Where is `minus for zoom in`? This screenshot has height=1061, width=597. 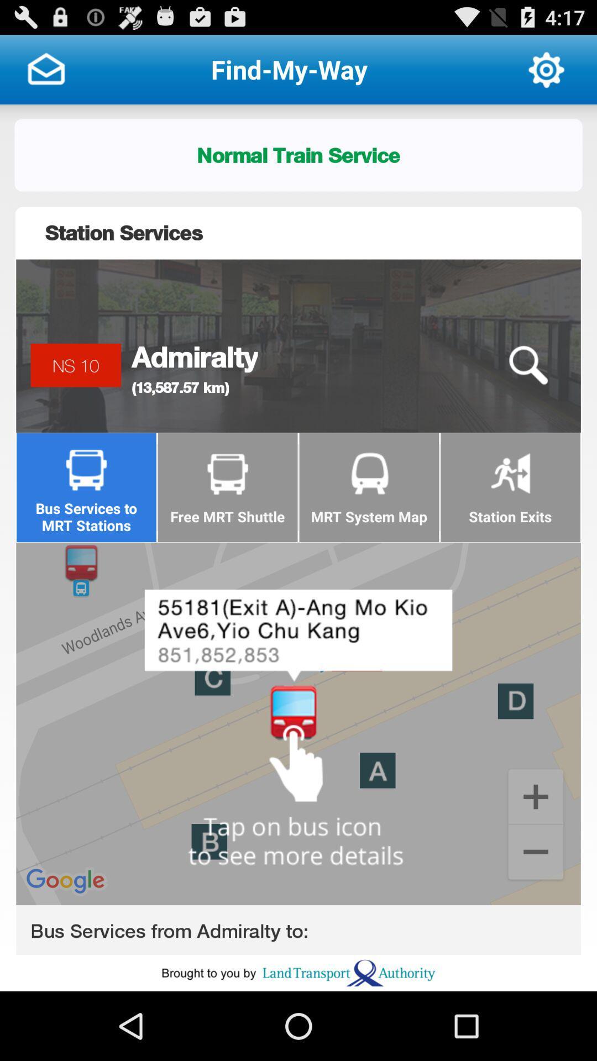
minus for zoom in is located at coordinates (535, 853).